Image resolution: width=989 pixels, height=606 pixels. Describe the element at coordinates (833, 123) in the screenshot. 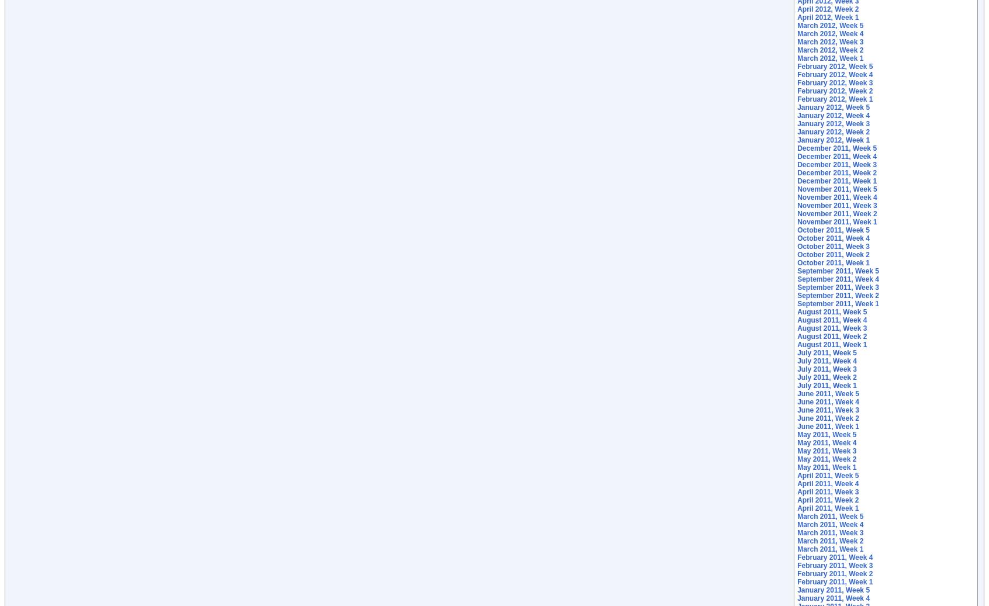

I see `'January 2012, Week 3'` at that location.